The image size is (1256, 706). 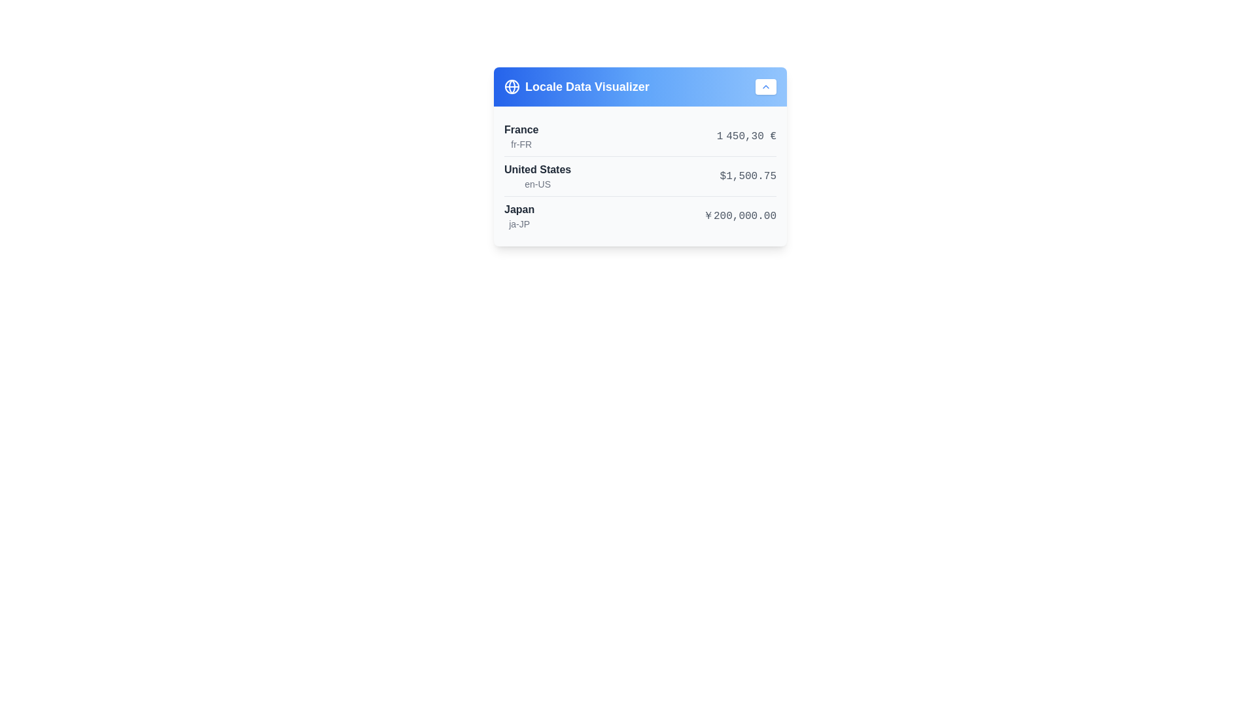 What do you see at coordinates (511, 86) in the screenshot?
I see `the circular part of the globe icon located in the top-left corner of the blue header bar titled 'Locale Data Visualizer'` at bounding box center [511, 86].